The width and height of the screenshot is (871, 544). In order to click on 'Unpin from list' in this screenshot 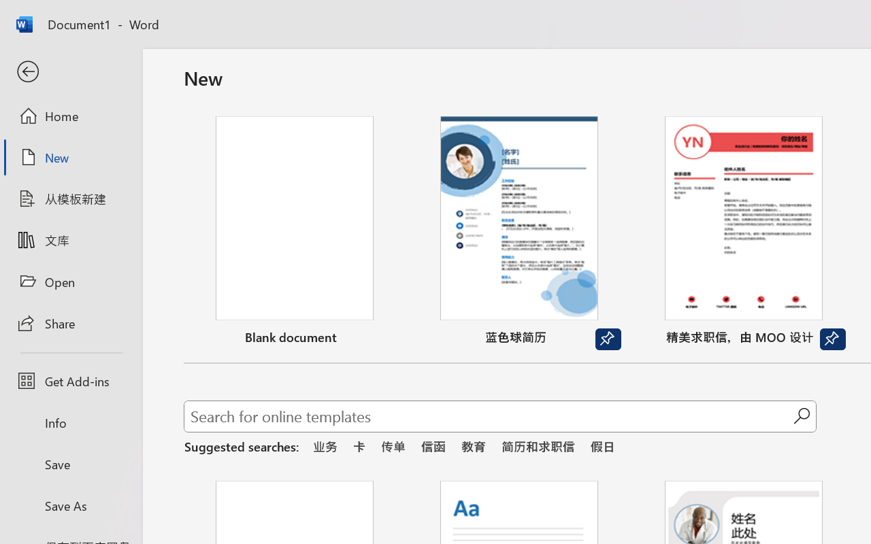, I will do `click(832, 339)`.